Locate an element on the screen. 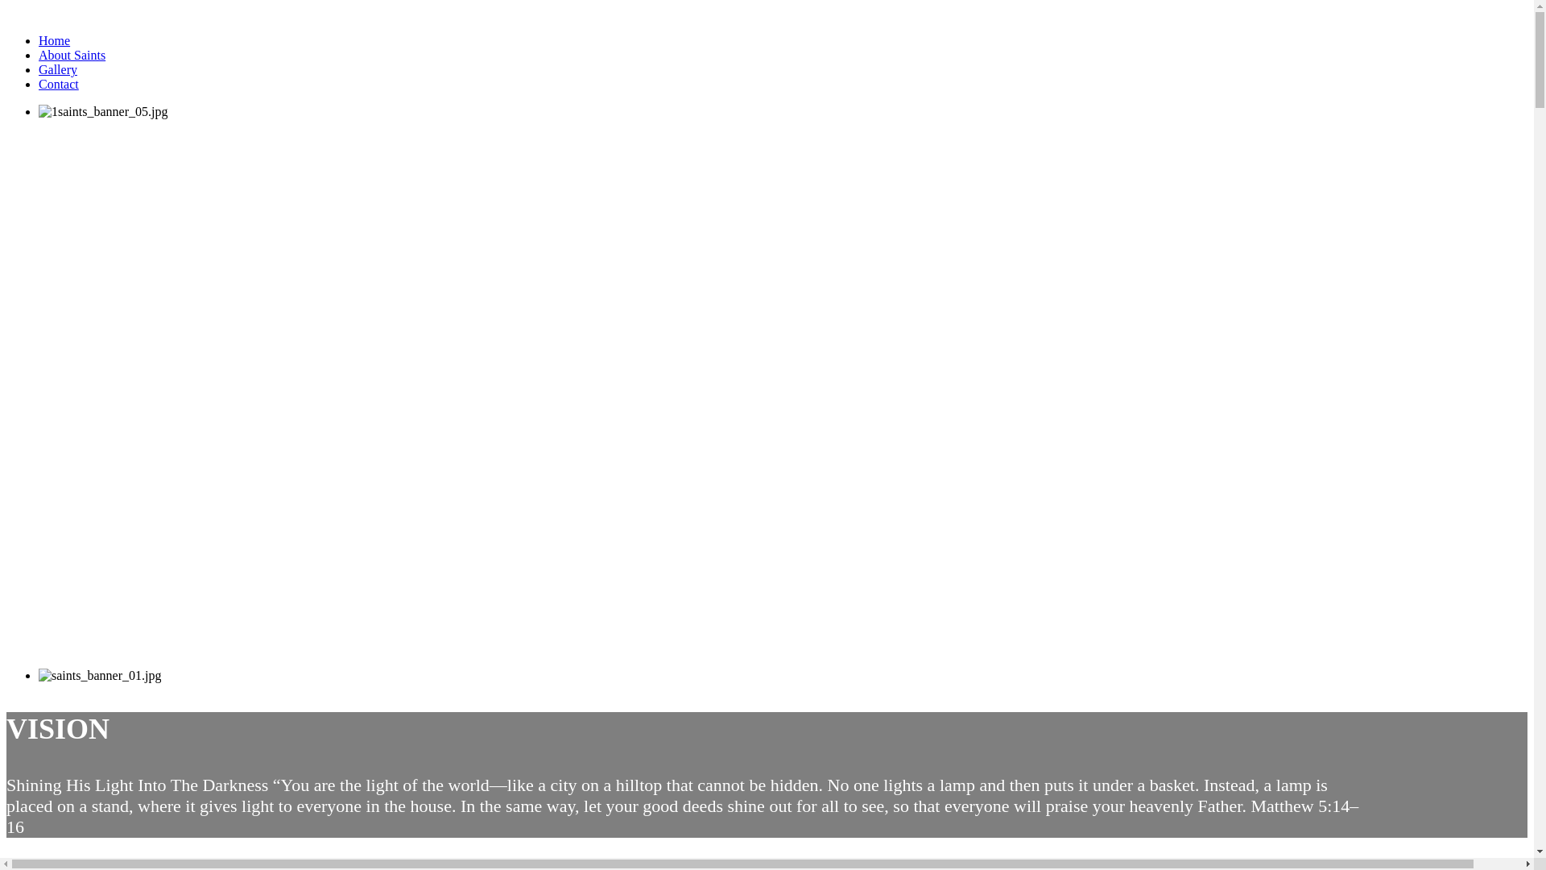 The width and height of the screenshot is (1546, 870). 'About Saints' is located at coordinates (71, 54).